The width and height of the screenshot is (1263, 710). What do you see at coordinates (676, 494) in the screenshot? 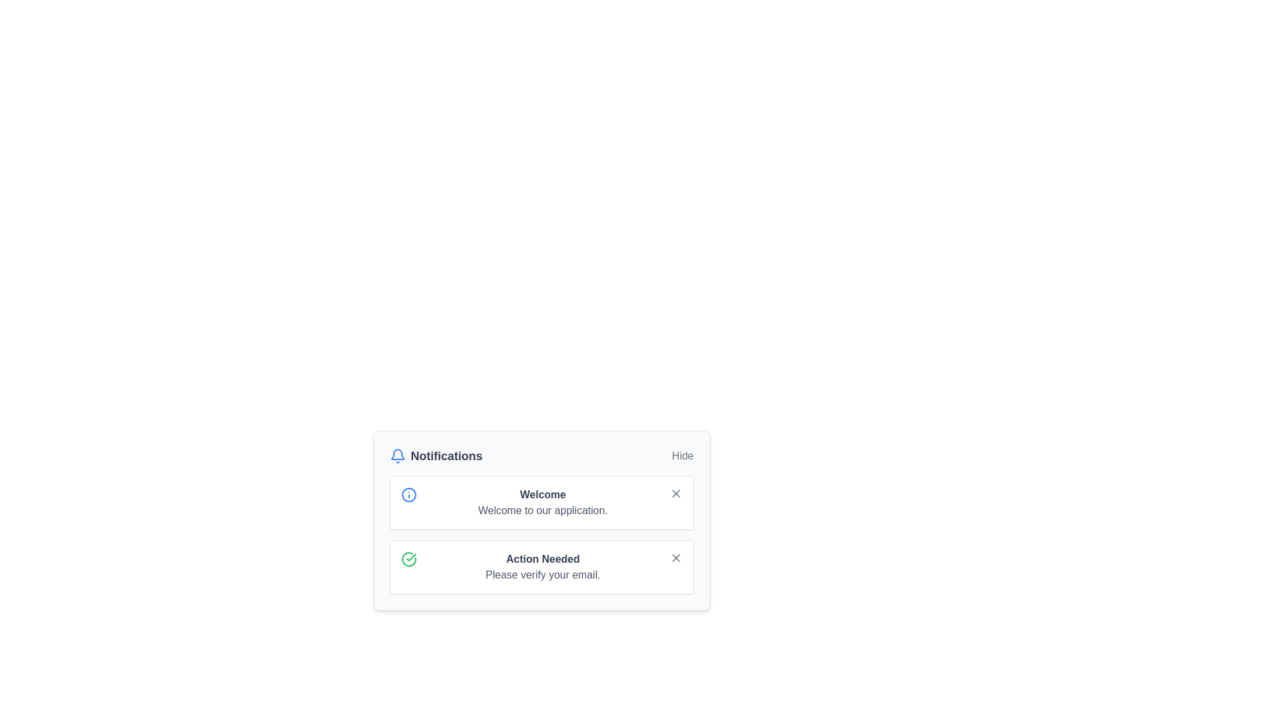
I see `the close button located to the right of the text 'Welcome Welcome to our application.'` at bounding box center [676, 494].